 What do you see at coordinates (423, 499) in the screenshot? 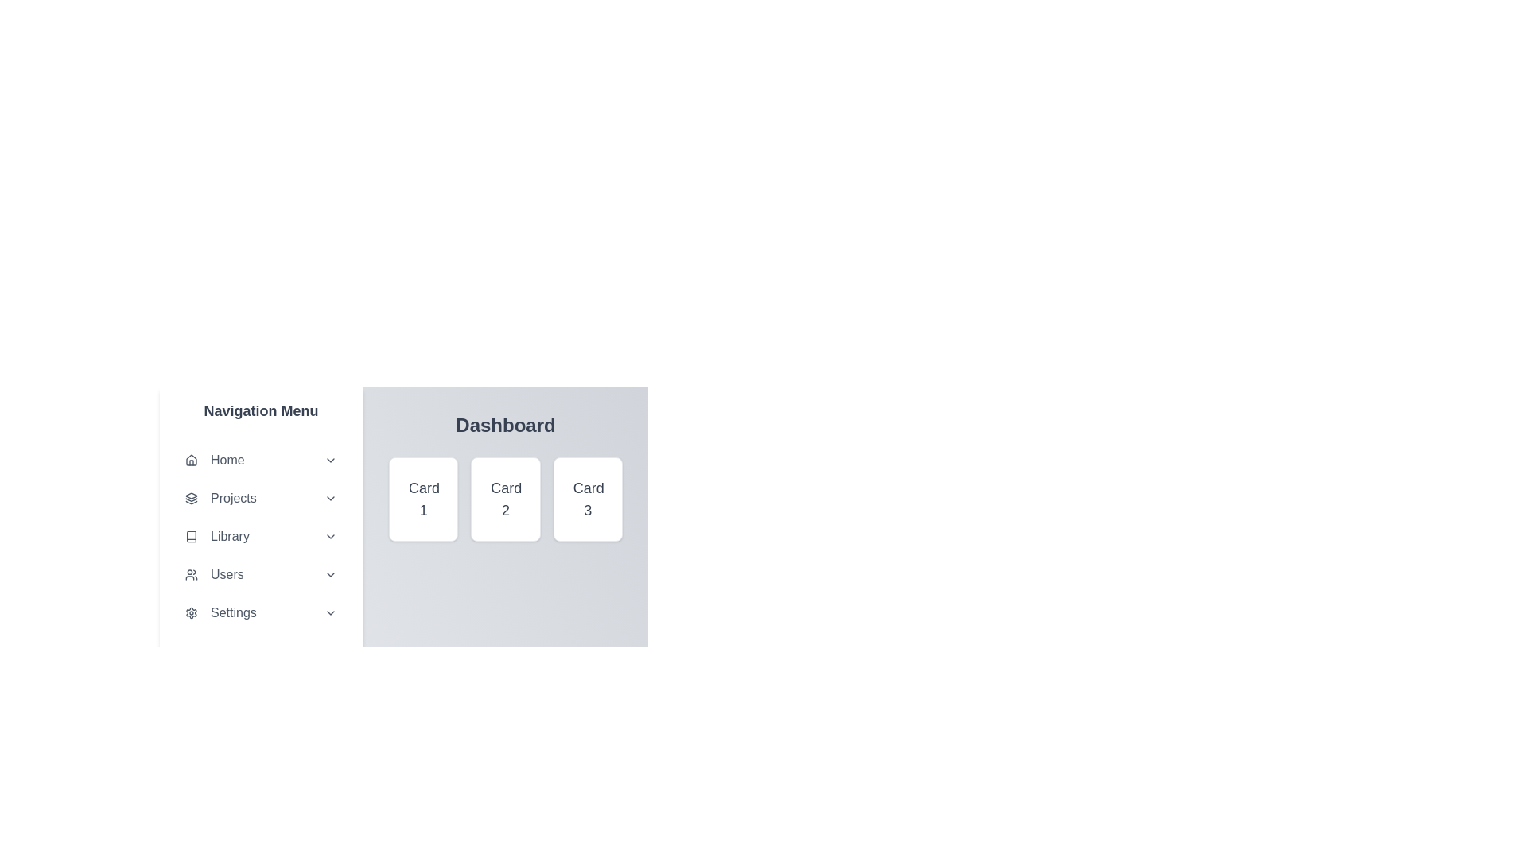
I see `text content of the first card's label located centrally within the white card with shadow under the 'Dashboard' heading` at bounding box center [423, 499].